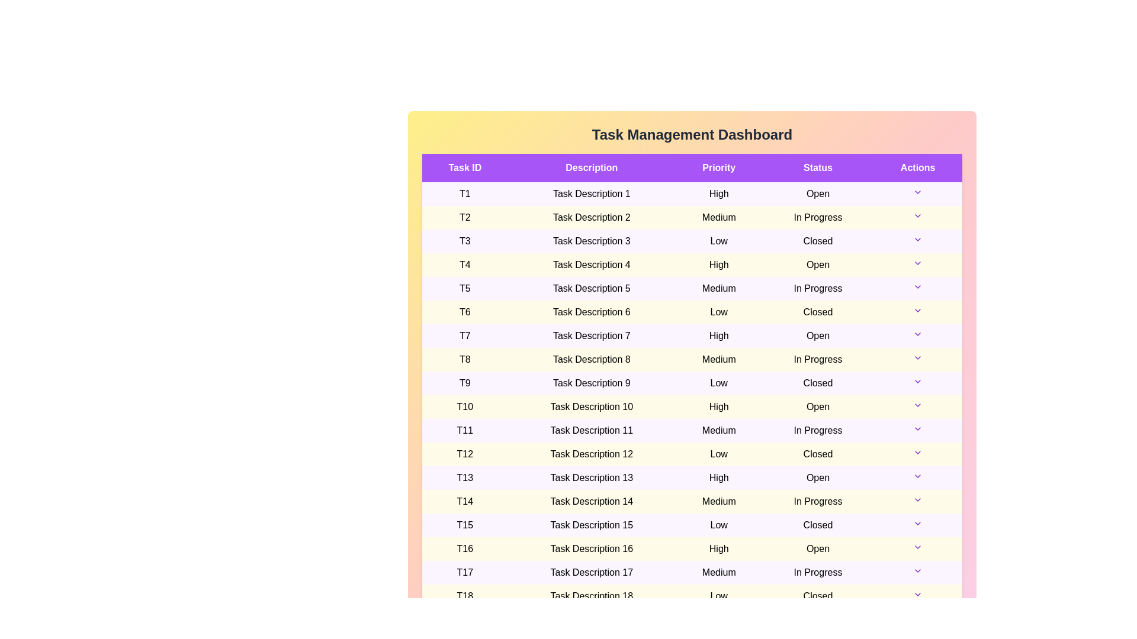 This screenshot has width=1137, height=639. What do you see at coordinates (592, 168) in the screenshot?
I see `the table header Description to sort the table by that column` at bounding box center [592, 168].